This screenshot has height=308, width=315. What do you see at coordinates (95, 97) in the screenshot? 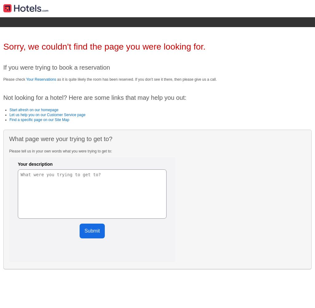
I see `'Not looking for a hotel? Here are some links that may help you out:'` at bounding box center [95, 97].